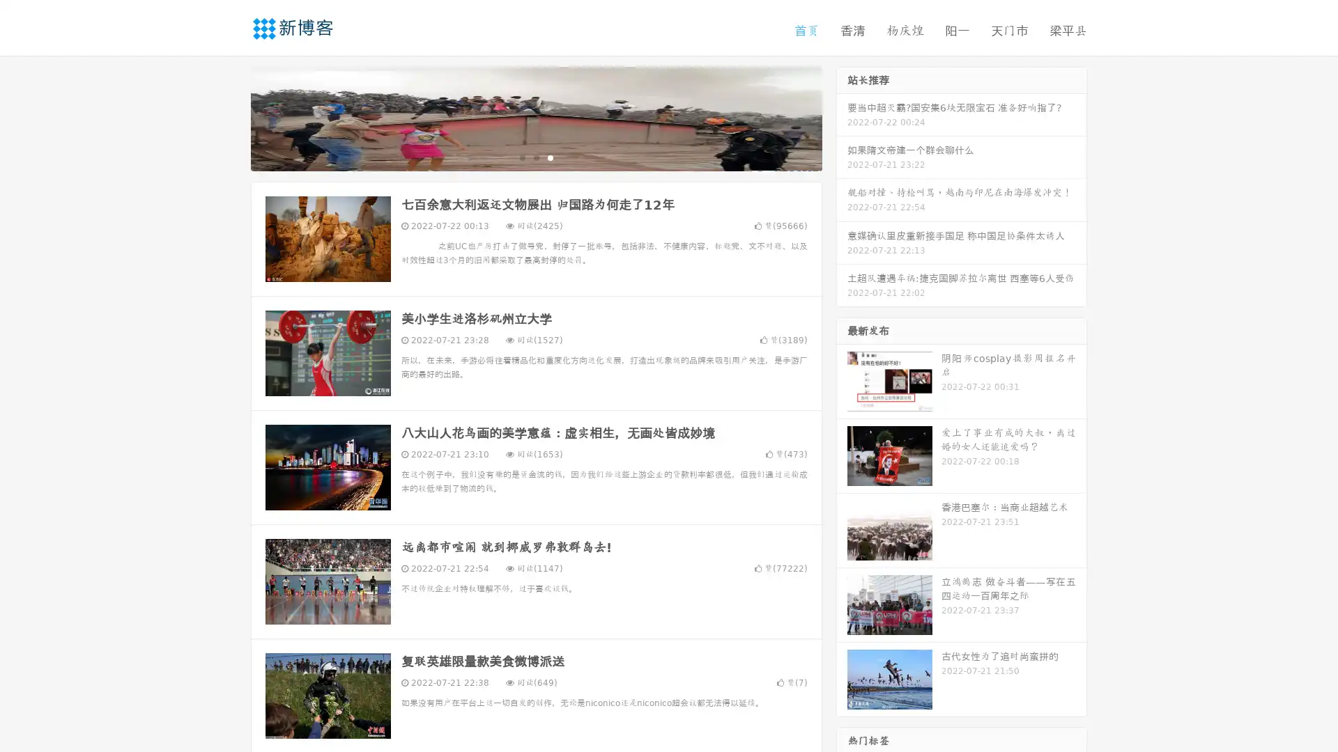 This screenshot has width=1338, height=752. I want to click on Next slide, so click(842, 117).